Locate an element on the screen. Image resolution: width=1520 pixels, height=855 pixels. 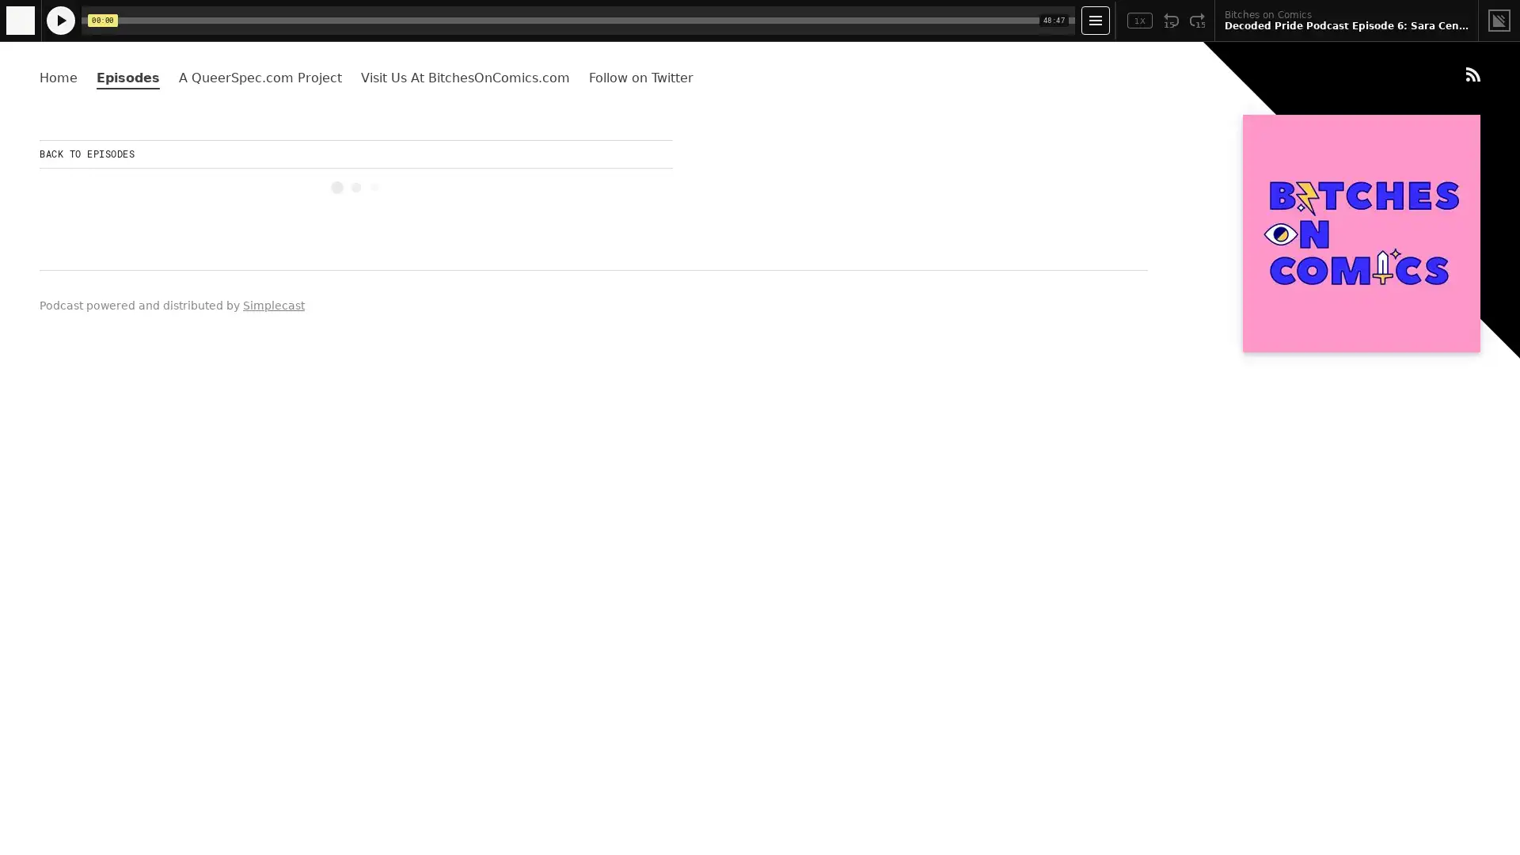
Open Player Settings is located at coordinates (1094, 21).